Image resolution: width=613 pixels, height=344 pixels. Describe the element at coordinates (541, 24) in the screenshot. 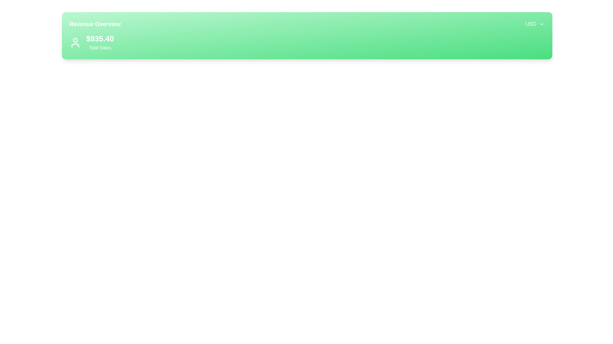

I see `the downward-facing chevron icon next to the 'USD' text, which indicates that the currency option can be selected or changed` at that location.